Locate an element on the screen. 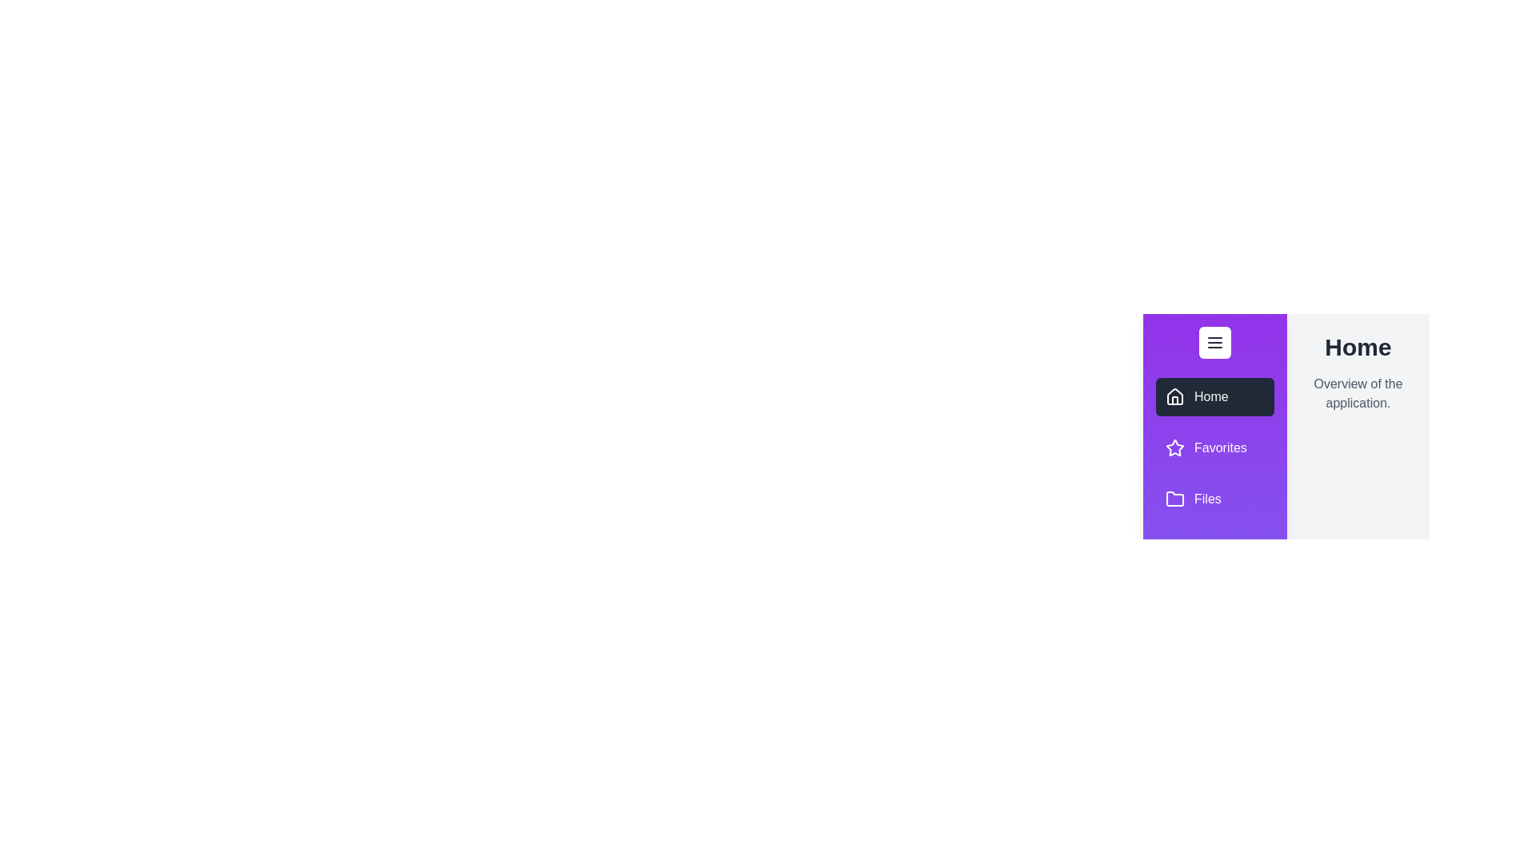  the tab Favorites in the drawer is located at coordinates (1215, 447).